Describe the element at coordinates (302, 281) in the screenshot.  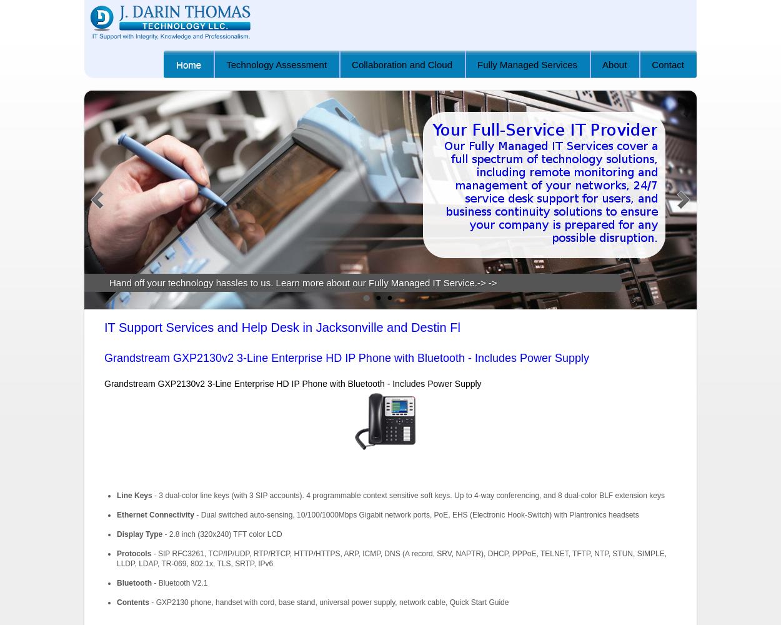
I see `'Hand off your technology hassles to us. Learn more about our Fully Managed IT Service.-> ->'` at that location.